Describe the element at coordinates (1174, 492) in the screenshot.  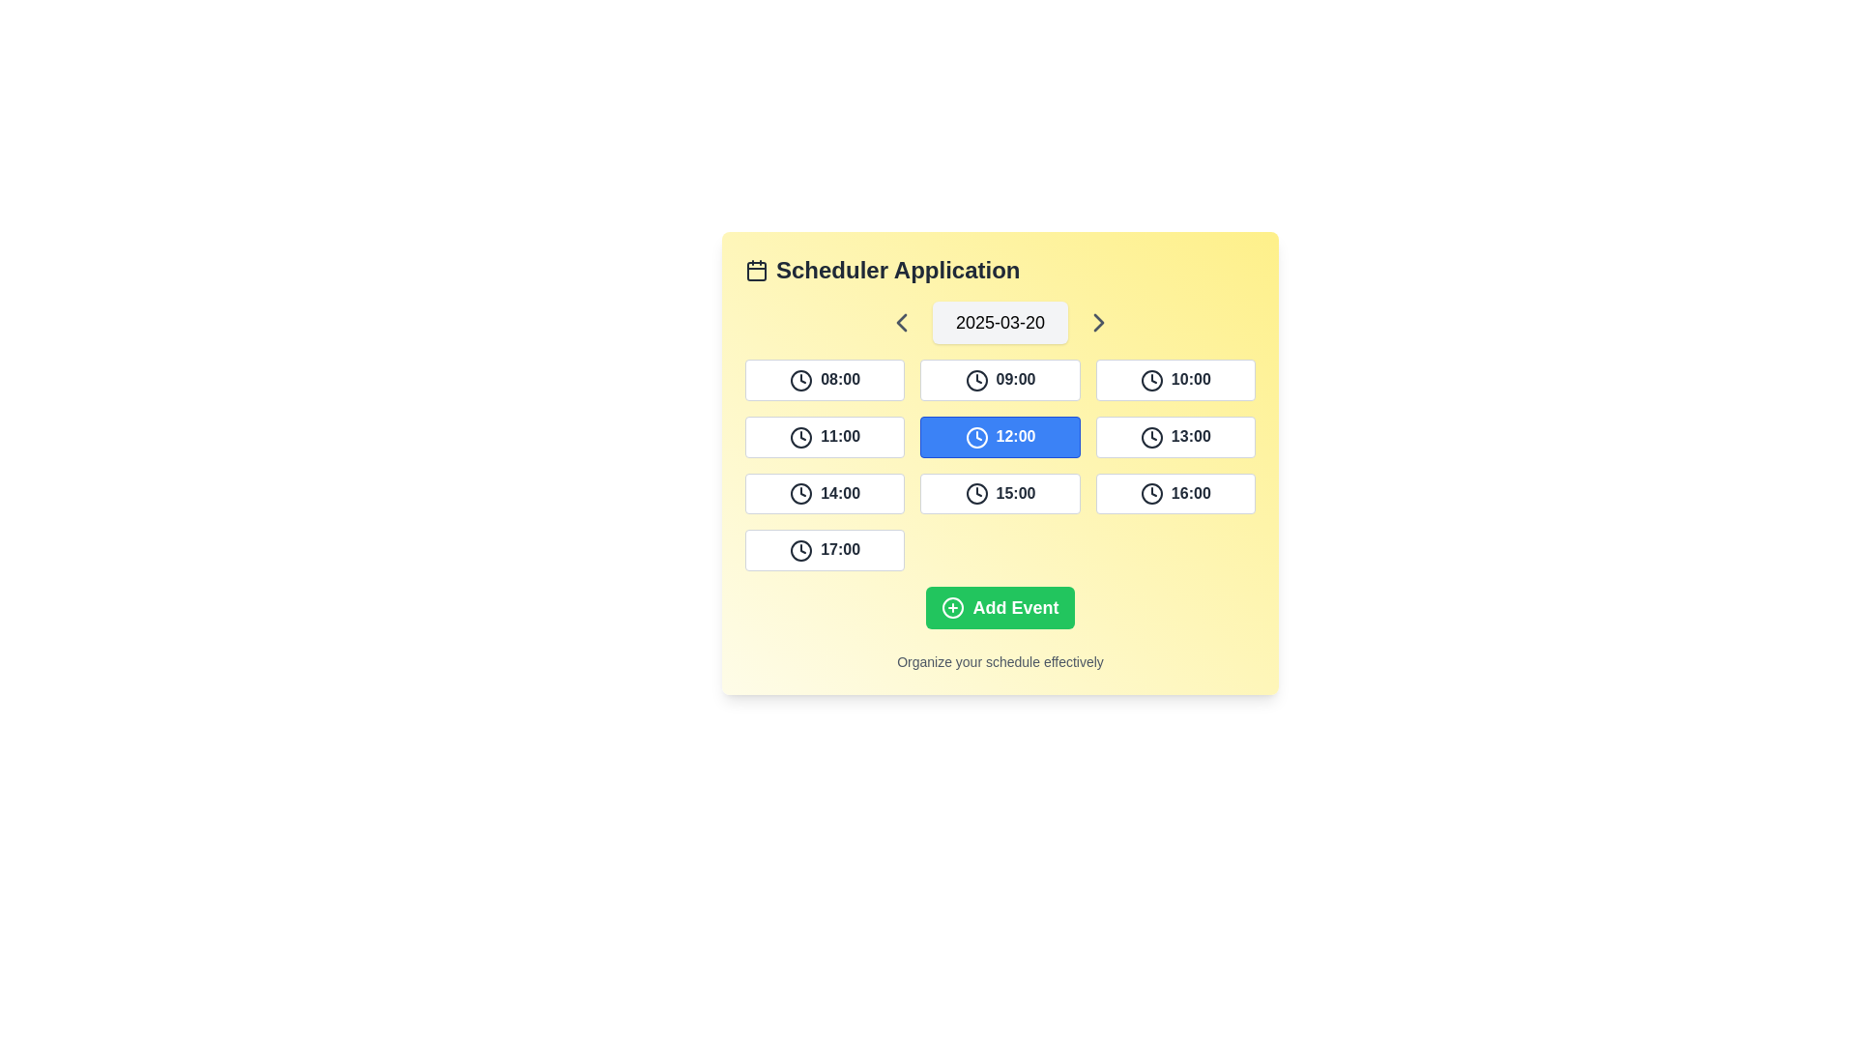
I see `the button labeled '16:00' with a clock icon, located` at that location.